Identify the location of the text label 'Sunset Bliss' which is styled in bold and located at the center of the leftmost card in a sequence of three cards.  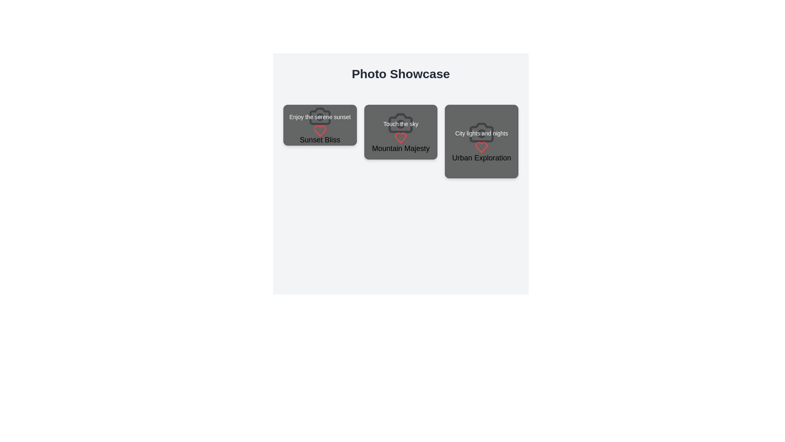
(319, 125).